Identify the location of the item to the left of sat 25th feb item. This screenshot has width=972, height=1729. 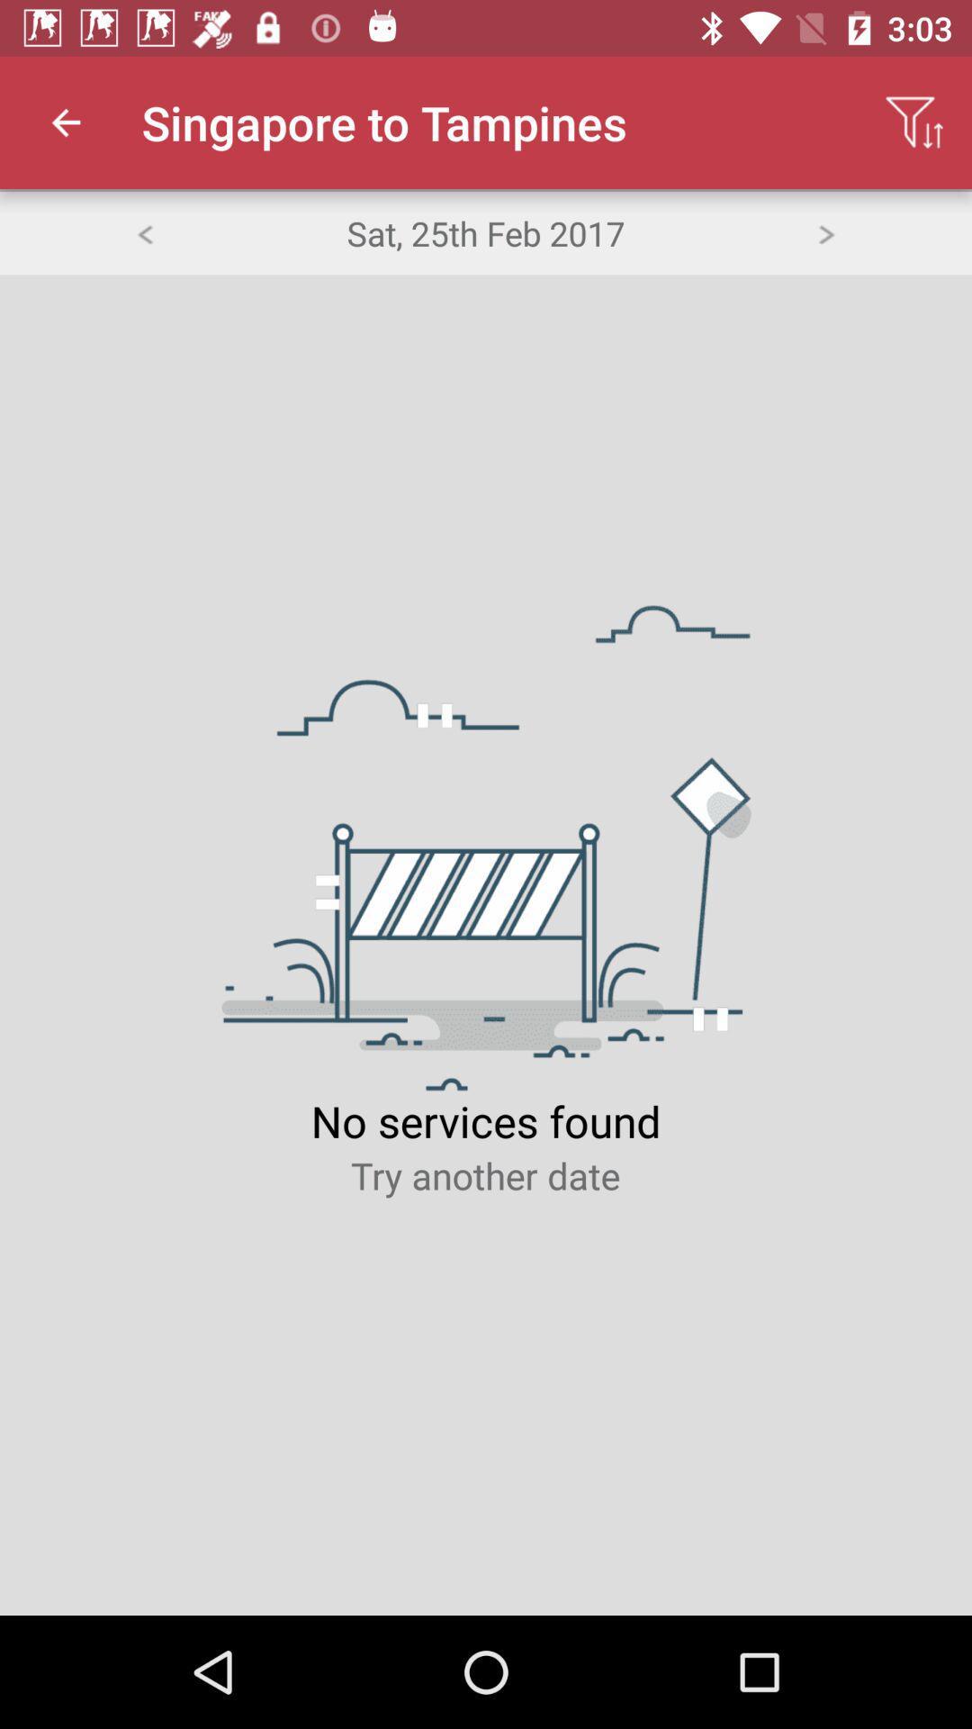
(143, 231).